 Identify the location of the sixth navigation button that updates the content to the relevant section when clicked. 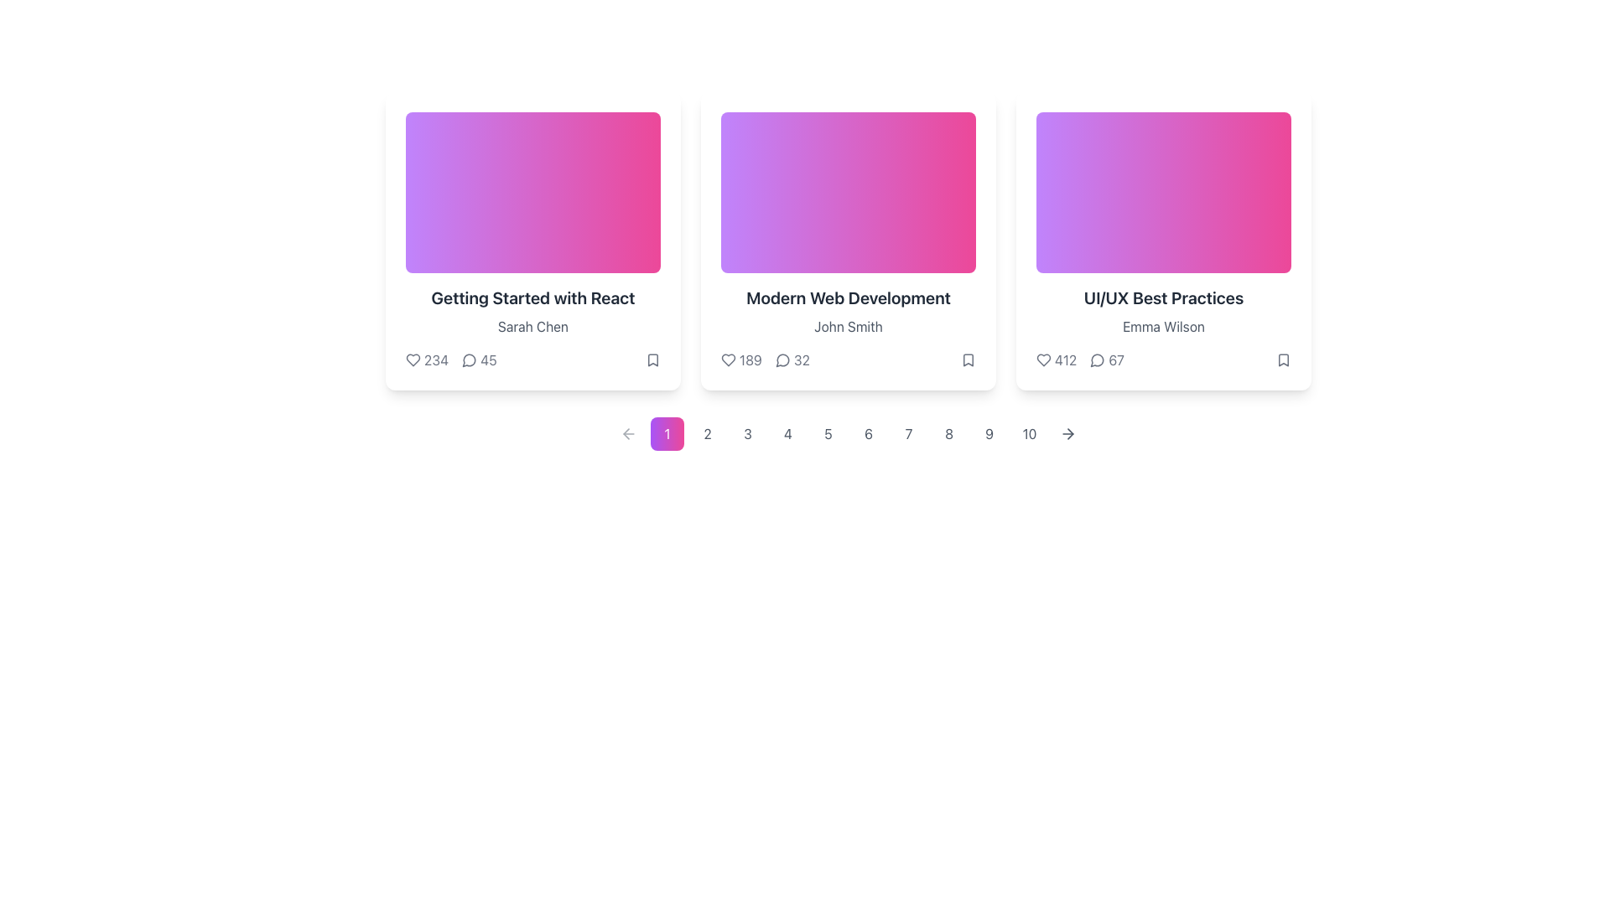
(869, 432).